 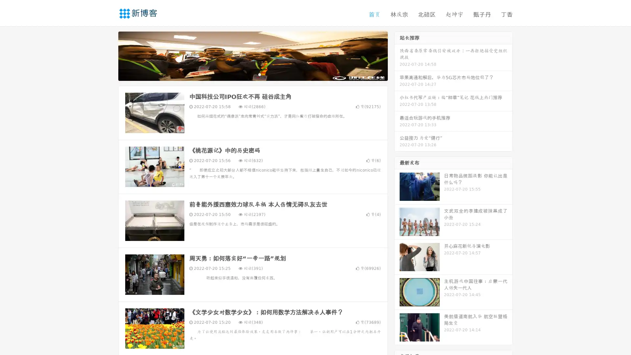 I want to click on Go to slide 1, so click(x=246, y=74).